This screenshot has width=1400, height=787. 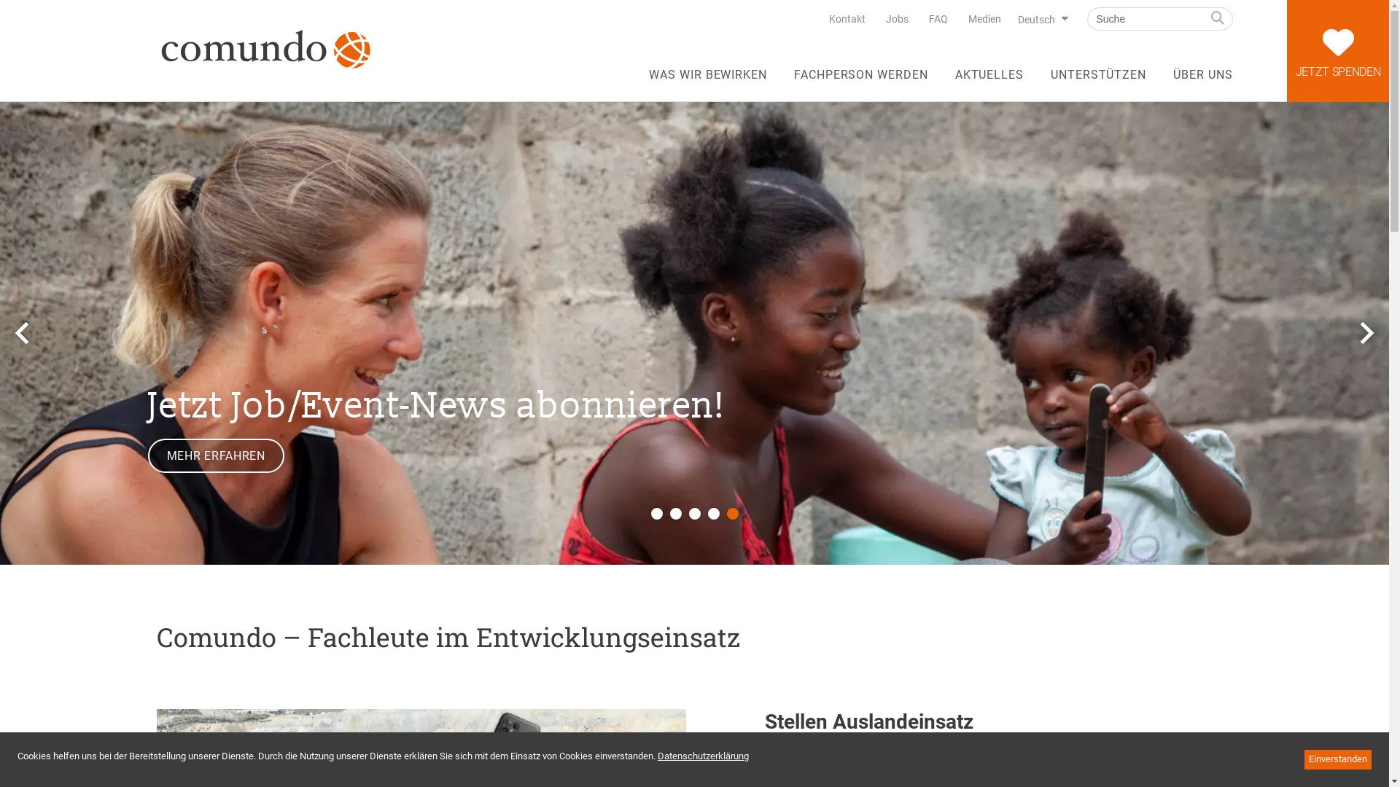 What do you see at coordinates (989, 81) in the screenshot?
I see `'AKTUELLES'` at bounding box center [989, 81].